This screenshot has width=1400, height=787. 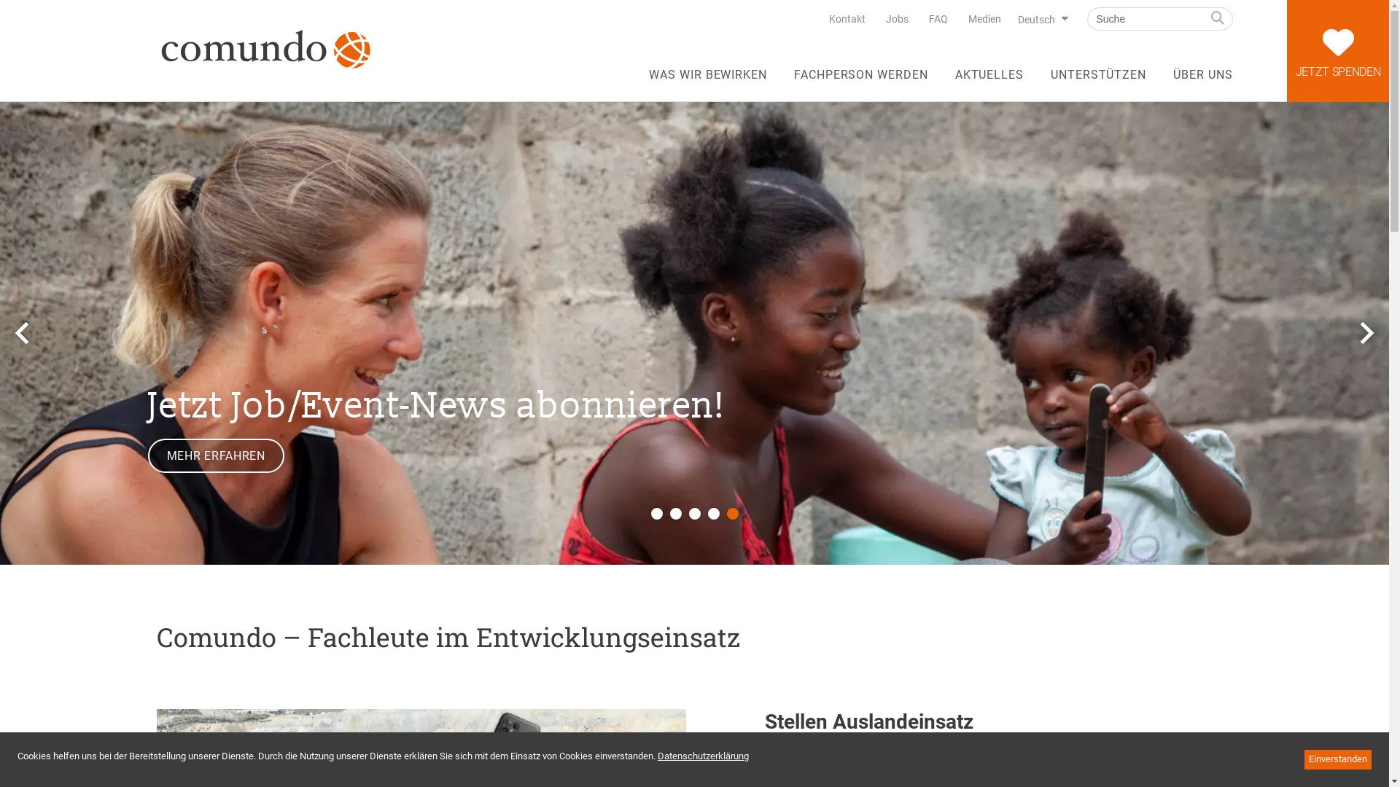 What do you see at coordinates (989, 81) in the screenshot?
I see `'AKTUELLES'` at bounding box center [989, 81].